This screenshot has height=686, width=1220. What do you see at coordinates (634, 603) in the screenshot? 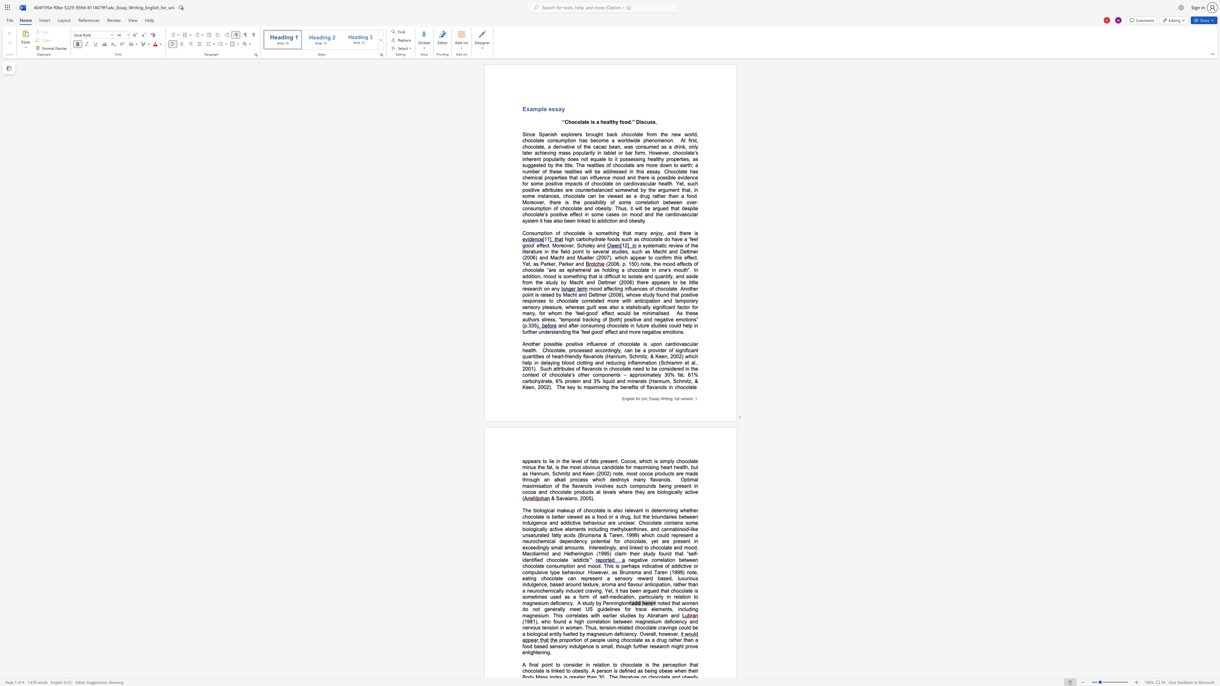
I see `the subset text "dd her" within the text "<add here>"` at bounding box center [634, 603].